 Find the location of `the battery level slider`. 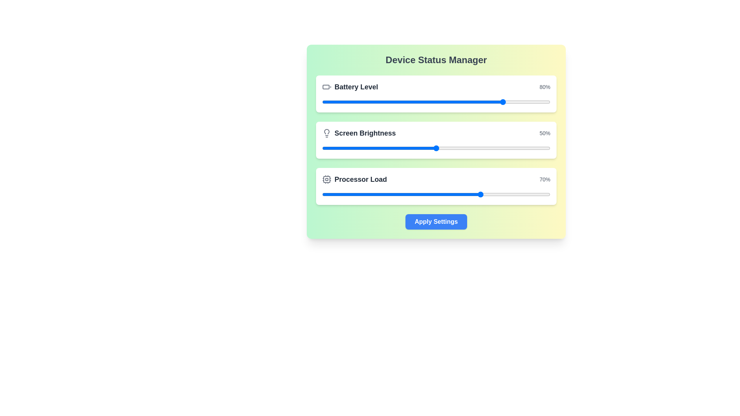

the battery level slider is located at coordinates (429, 102).